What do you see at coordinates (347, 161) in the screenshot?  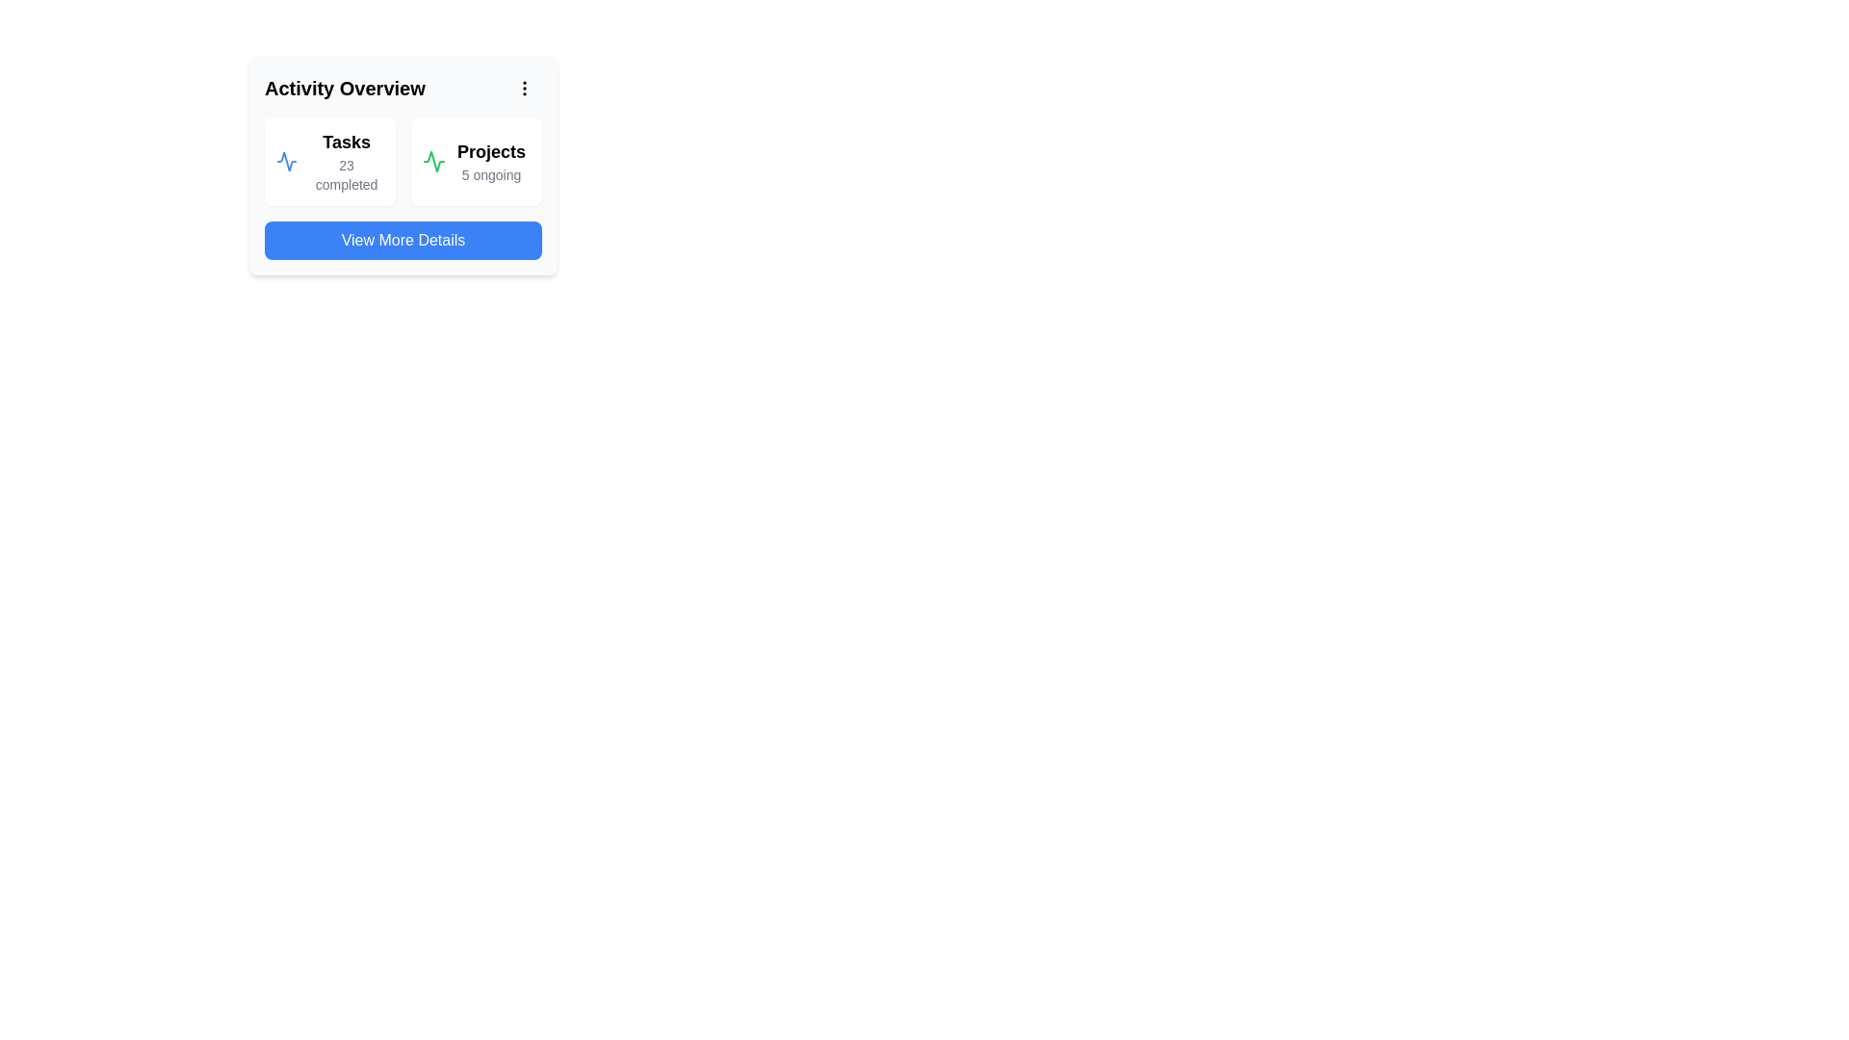 I see `the text display element that has a bold header reading 'Tasks' and a subtitle '23 completed'` at bounding box center [347, 161].